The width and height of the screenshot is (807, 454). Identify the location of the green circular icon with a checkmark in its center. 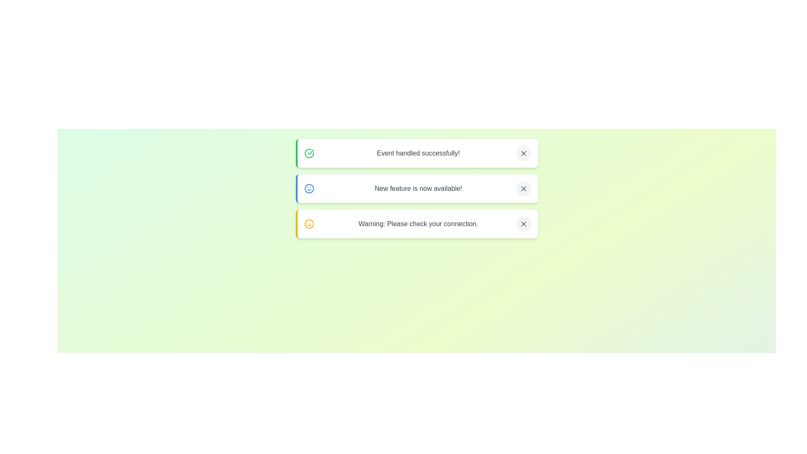
(309, 153).